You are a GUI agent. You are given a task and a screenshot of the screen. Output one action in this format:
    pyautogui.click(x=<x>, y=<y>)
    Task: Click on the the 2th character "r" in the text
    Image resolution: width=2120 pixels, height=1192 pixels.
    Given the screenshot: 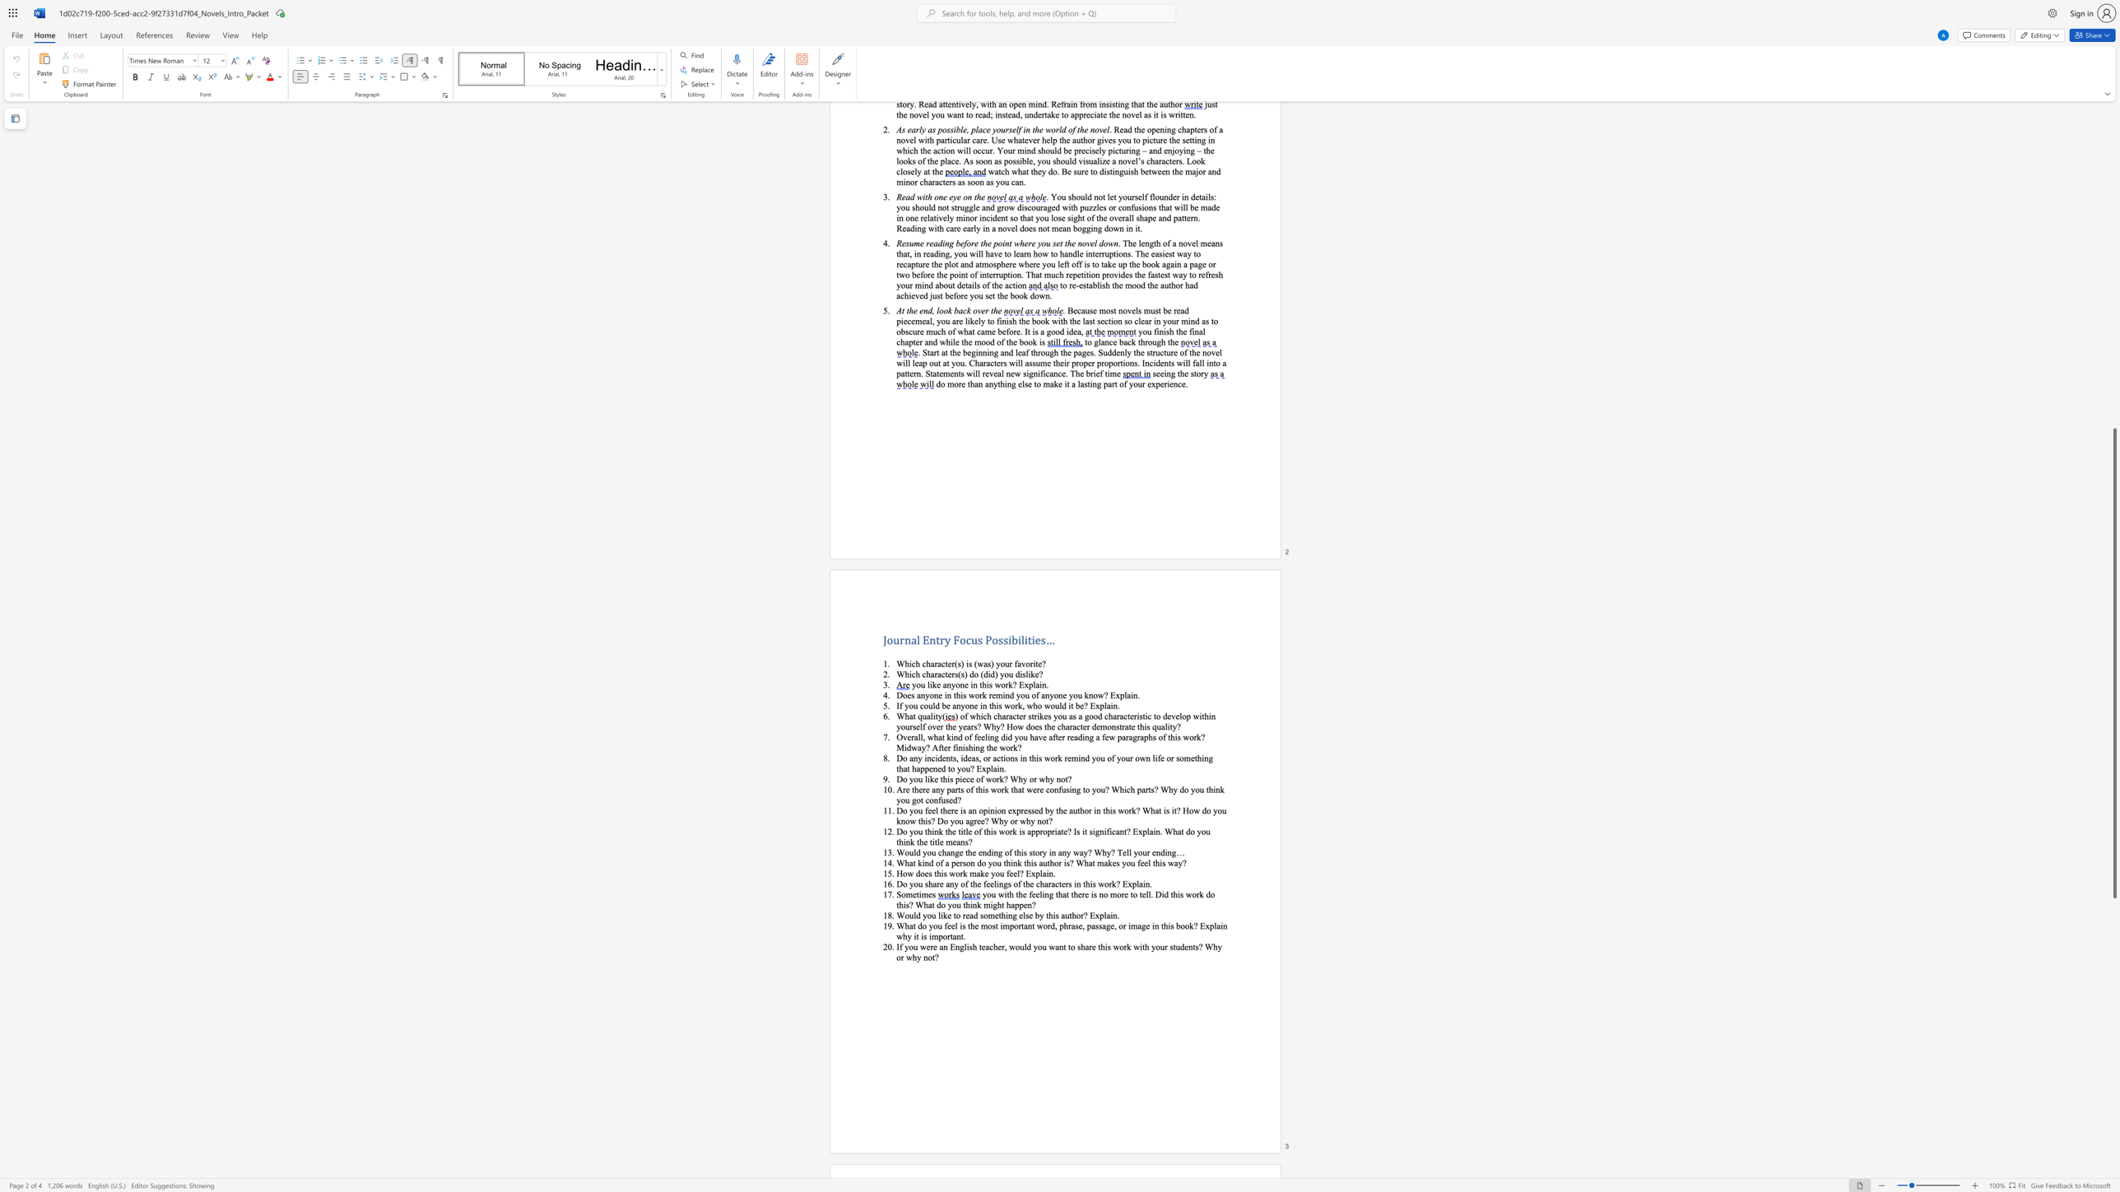 What is the action you would take?
    pyautogui.click(x=941, y=638)
    